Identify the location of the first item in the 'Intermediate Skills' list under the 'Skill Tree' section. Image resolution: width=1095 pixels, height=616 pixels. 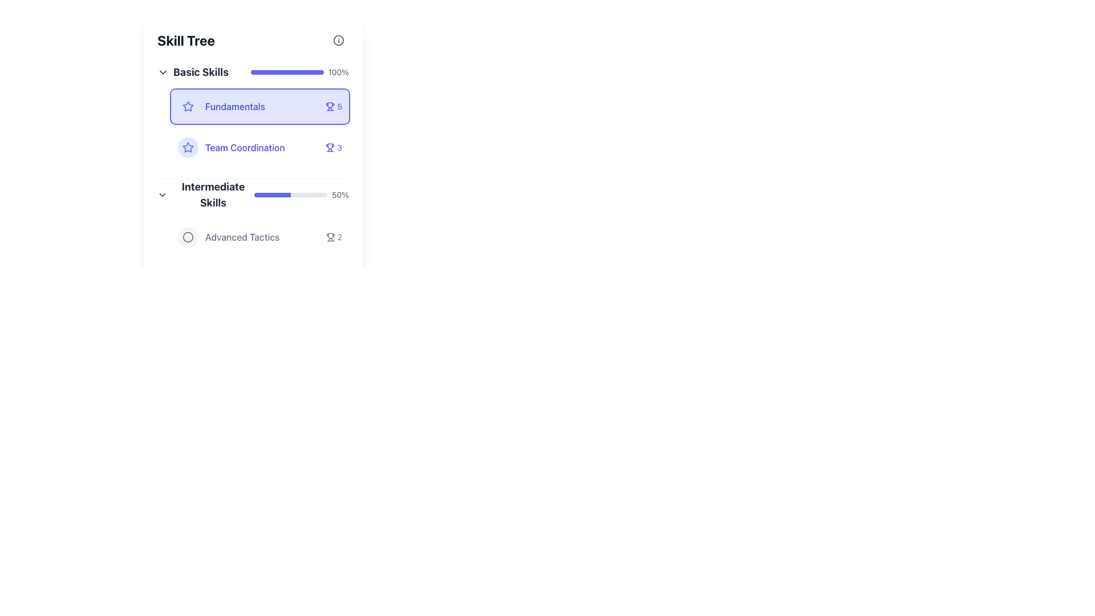
(259, 257).